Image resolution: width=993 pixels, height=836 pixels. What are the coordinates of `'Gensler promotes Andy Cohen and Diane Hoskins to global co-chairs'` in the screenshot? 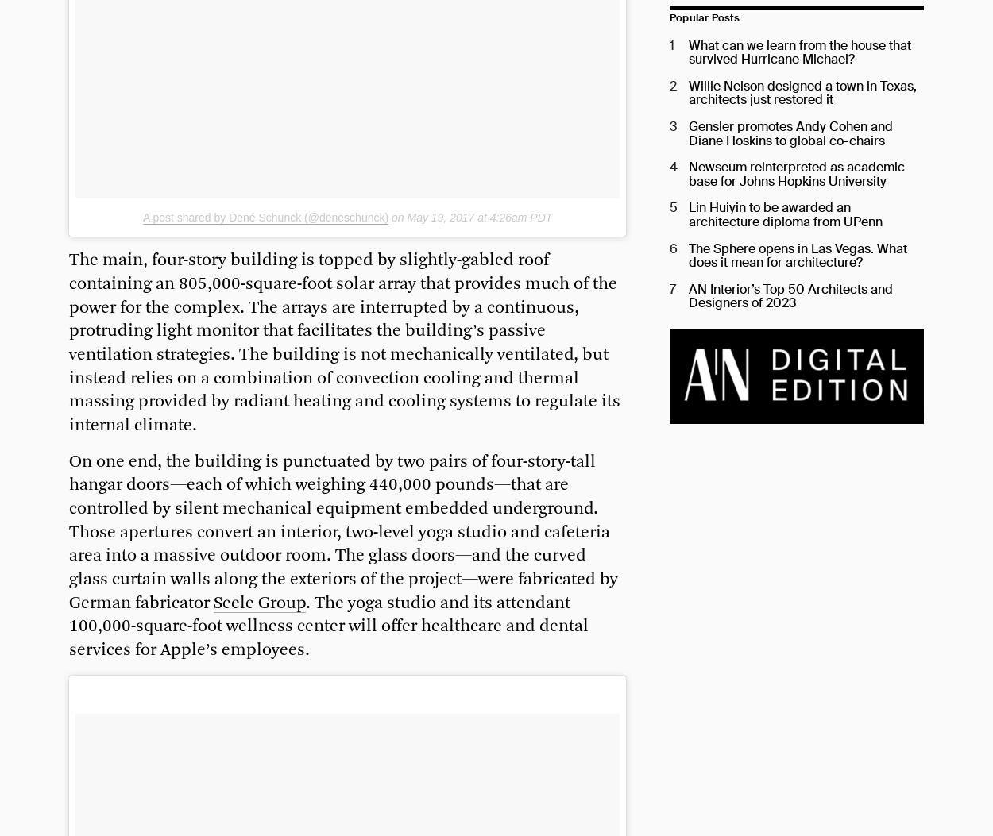 It's located at (789, 132).